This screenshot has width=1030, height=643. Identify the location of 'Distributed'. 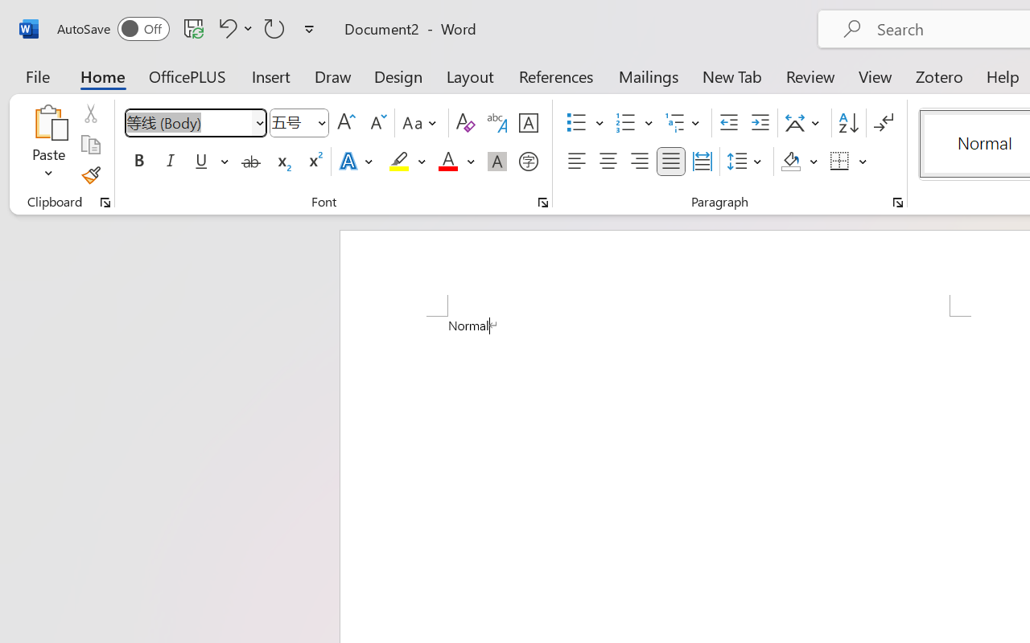
(702, 162).